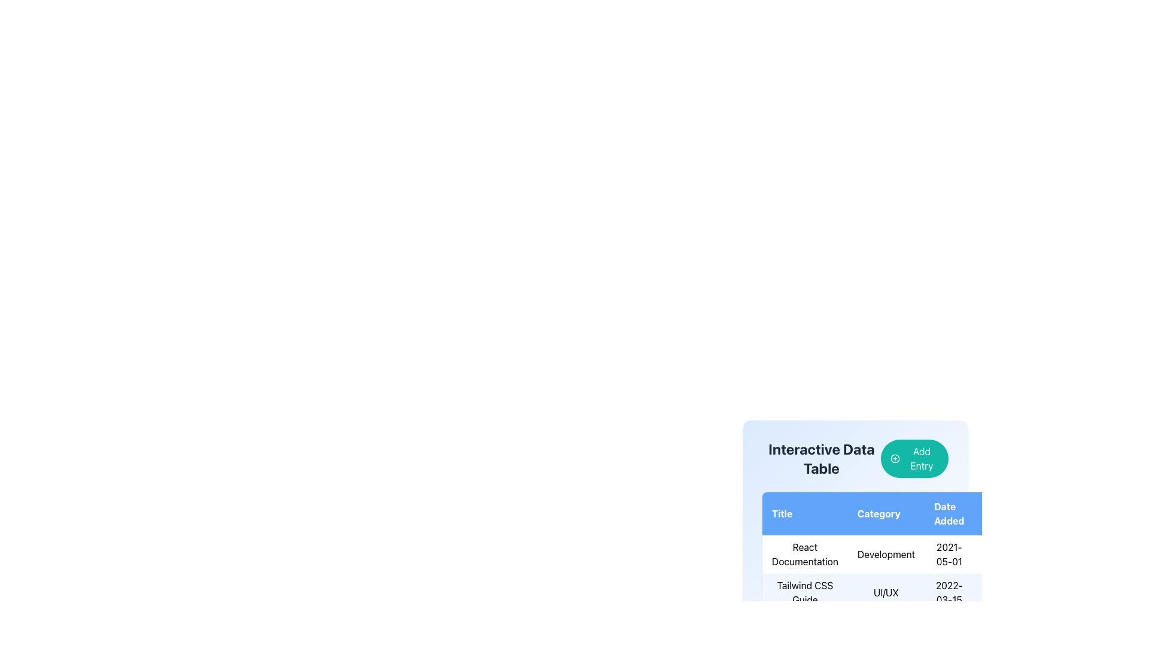 This screenshot has height=646, width=1149. Describe the element at coordinates (949, 513) in the screenshot. I see `the Table Header indicating the date an item was added, which is the third item from the left in a row of four headers` at that location.